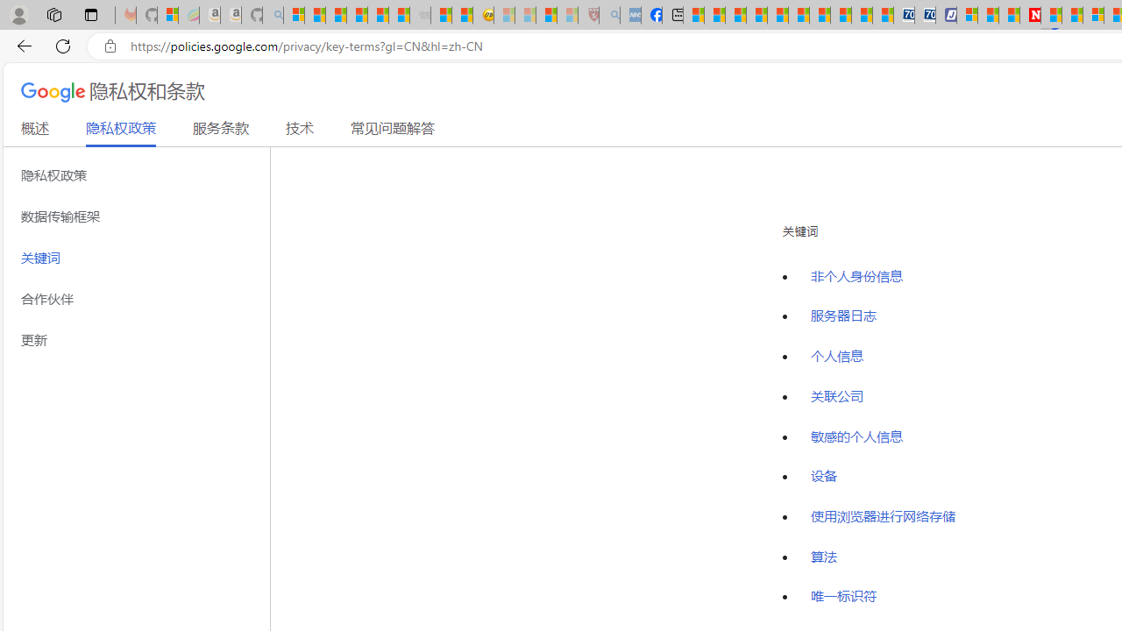 The height and width of the screenshot is (631, 1122). Describe the element at coordinates (567, 15) in the screenshot. I see `'12 Popular Science Lies that Must be Corrected - Sleeping'` at that location.